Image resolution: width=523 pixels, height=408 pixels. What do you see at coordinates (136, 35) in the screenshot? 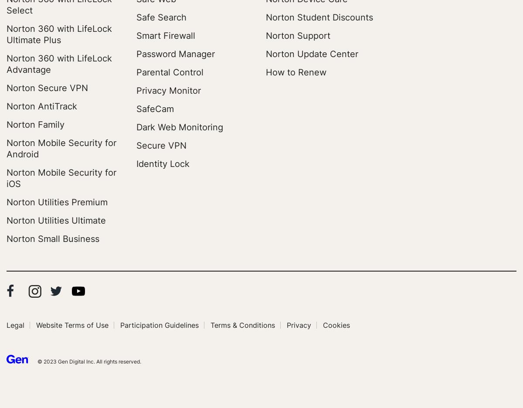
I see `'Smart Firewall'` at bounding box center [136, 35].